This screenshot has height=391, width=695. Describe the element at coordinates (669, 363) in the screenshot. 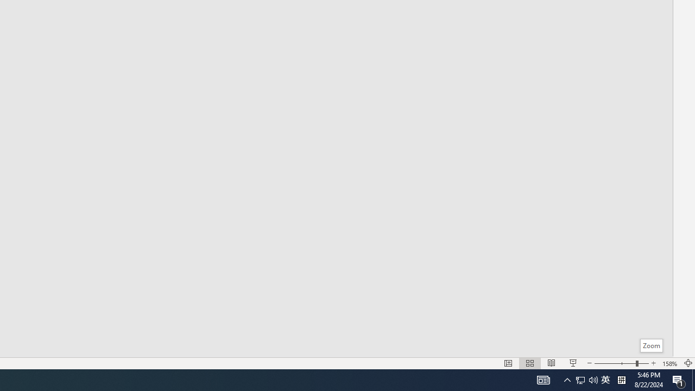

I see `'Zoom 158%'` at that location.